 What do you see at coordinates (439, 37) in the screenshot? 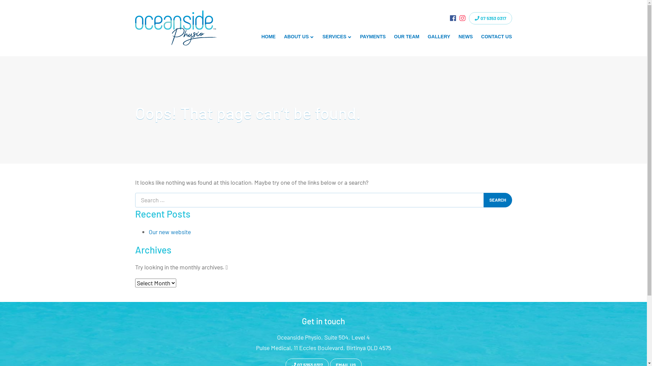
I see `'GALLERY'` at bounding box center [439, 37].